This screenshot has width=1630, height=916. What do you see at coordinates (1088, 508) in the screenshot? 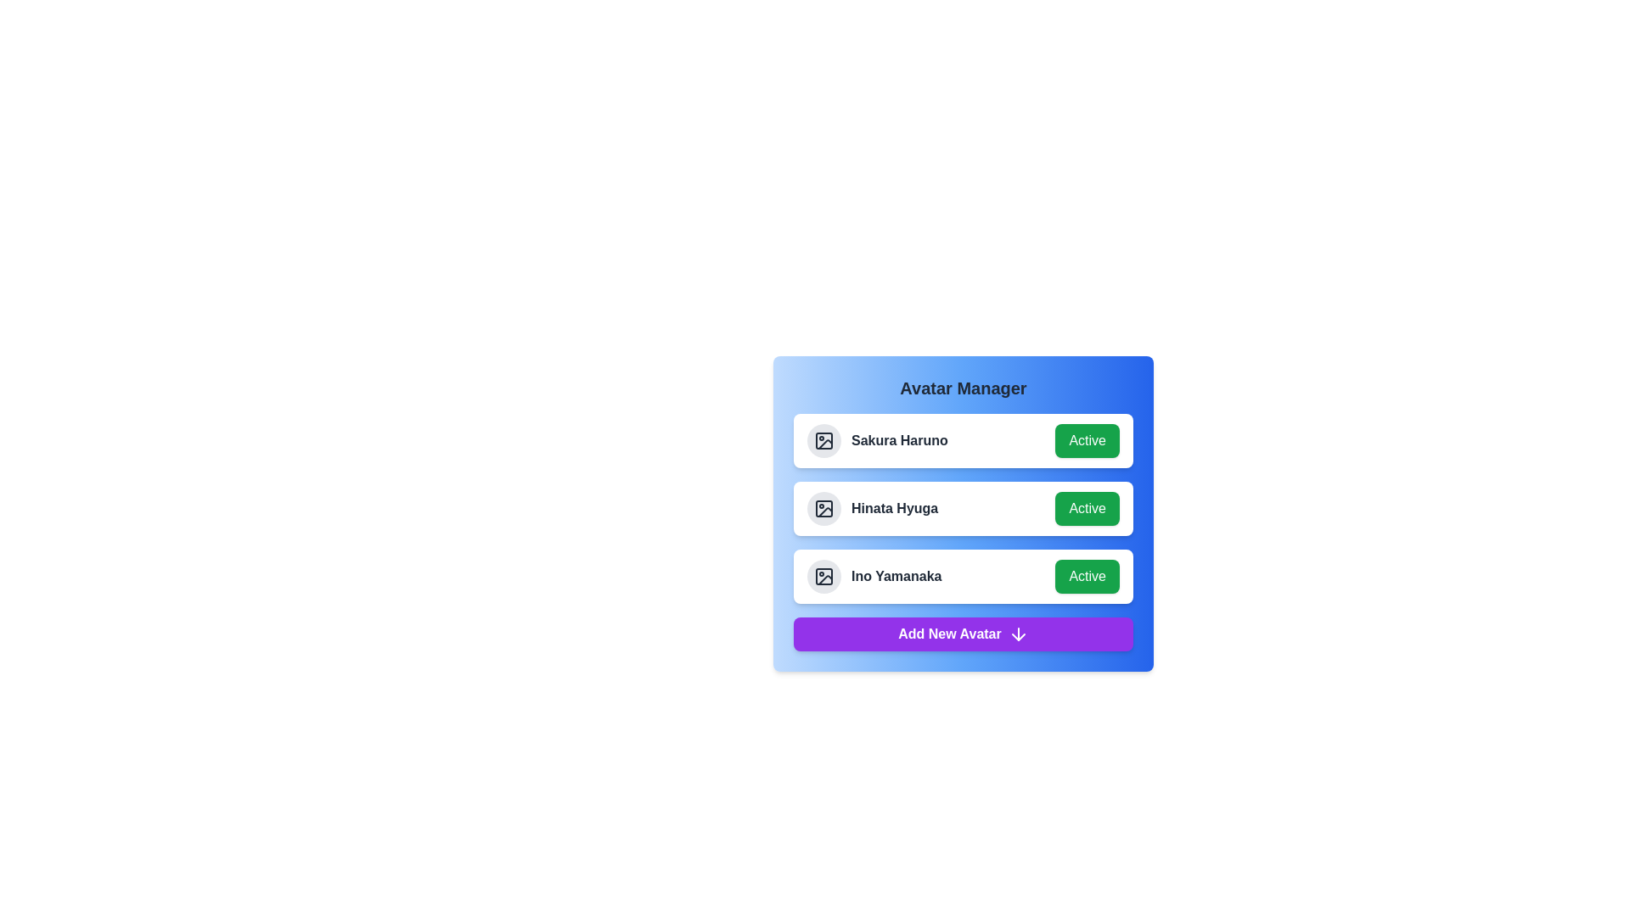
I see `the active status toggle button` at bounding box center [1088, 508].